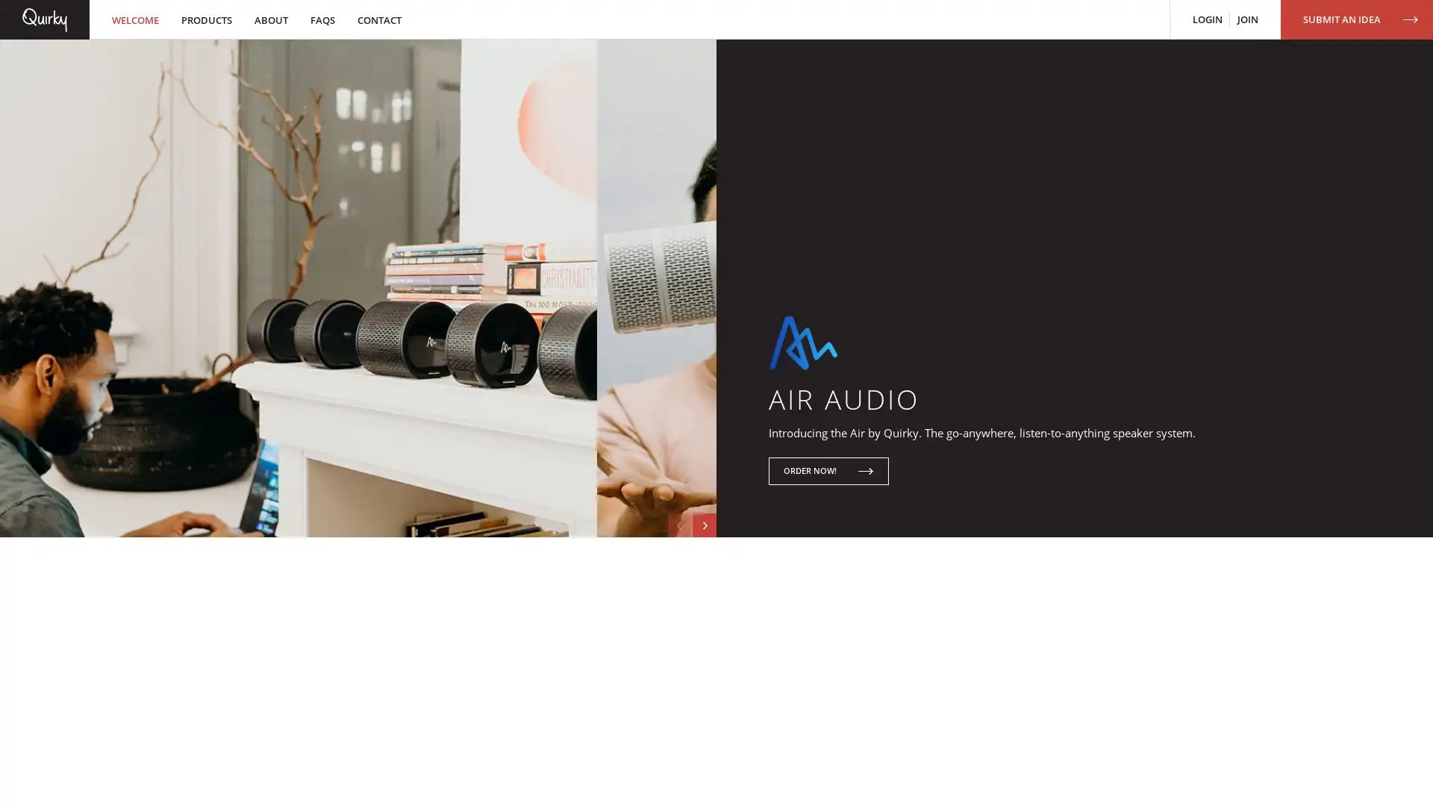  I want to click on Previous, so click(669, 622).